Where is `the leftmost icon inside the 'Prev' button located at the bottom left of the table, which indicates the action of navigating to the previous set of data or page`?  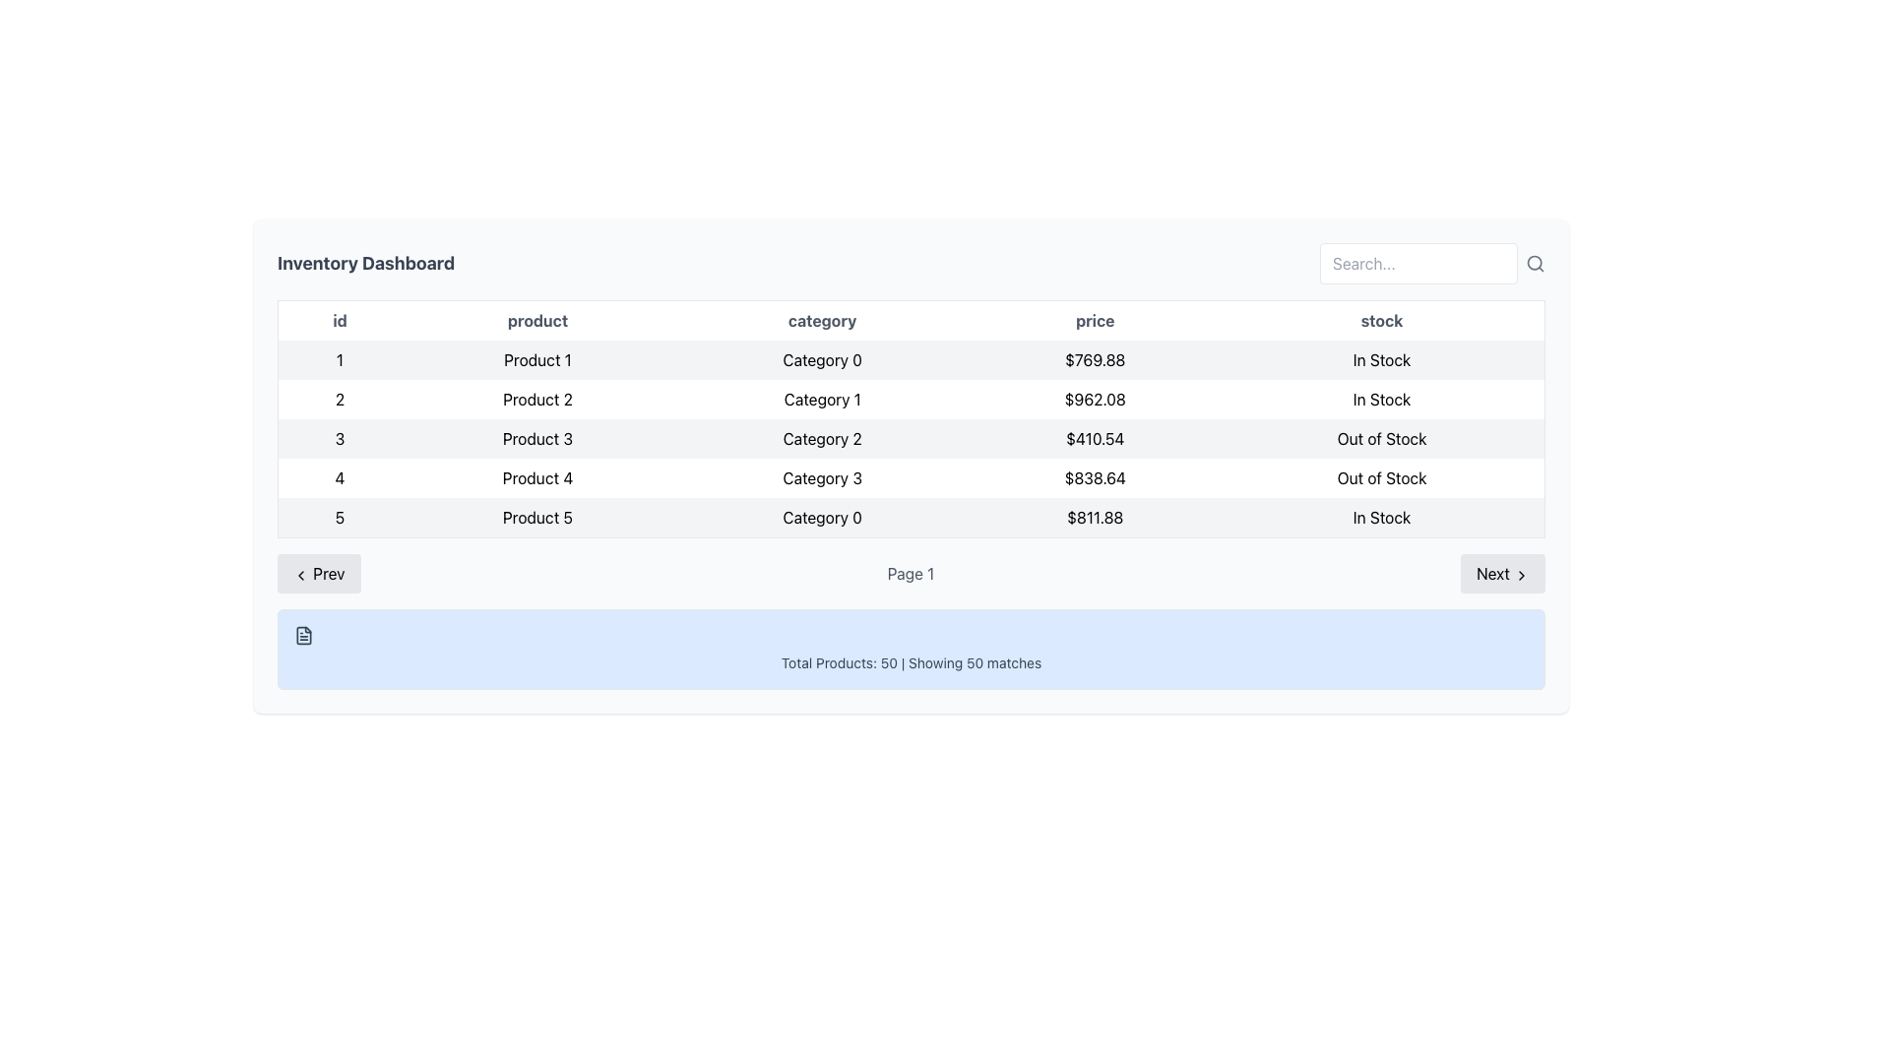
the leftmost icon inside the 'Prev' button located at the bottom left of the table, which indicates the action of navigating to the previous set of data or page is located at coordinates (300, 574).